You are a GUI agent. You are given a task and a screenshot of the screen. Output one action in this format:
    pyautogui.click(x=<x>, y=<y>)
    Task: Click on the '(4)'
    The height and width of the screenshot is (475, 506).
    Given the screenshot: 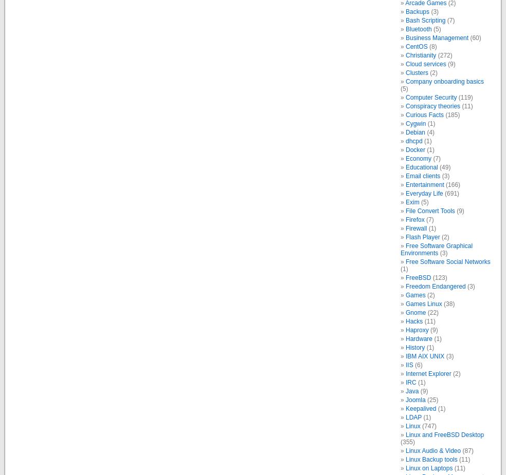 What is the action you would take?
    pyautogui.click(x=429, y=131)
    